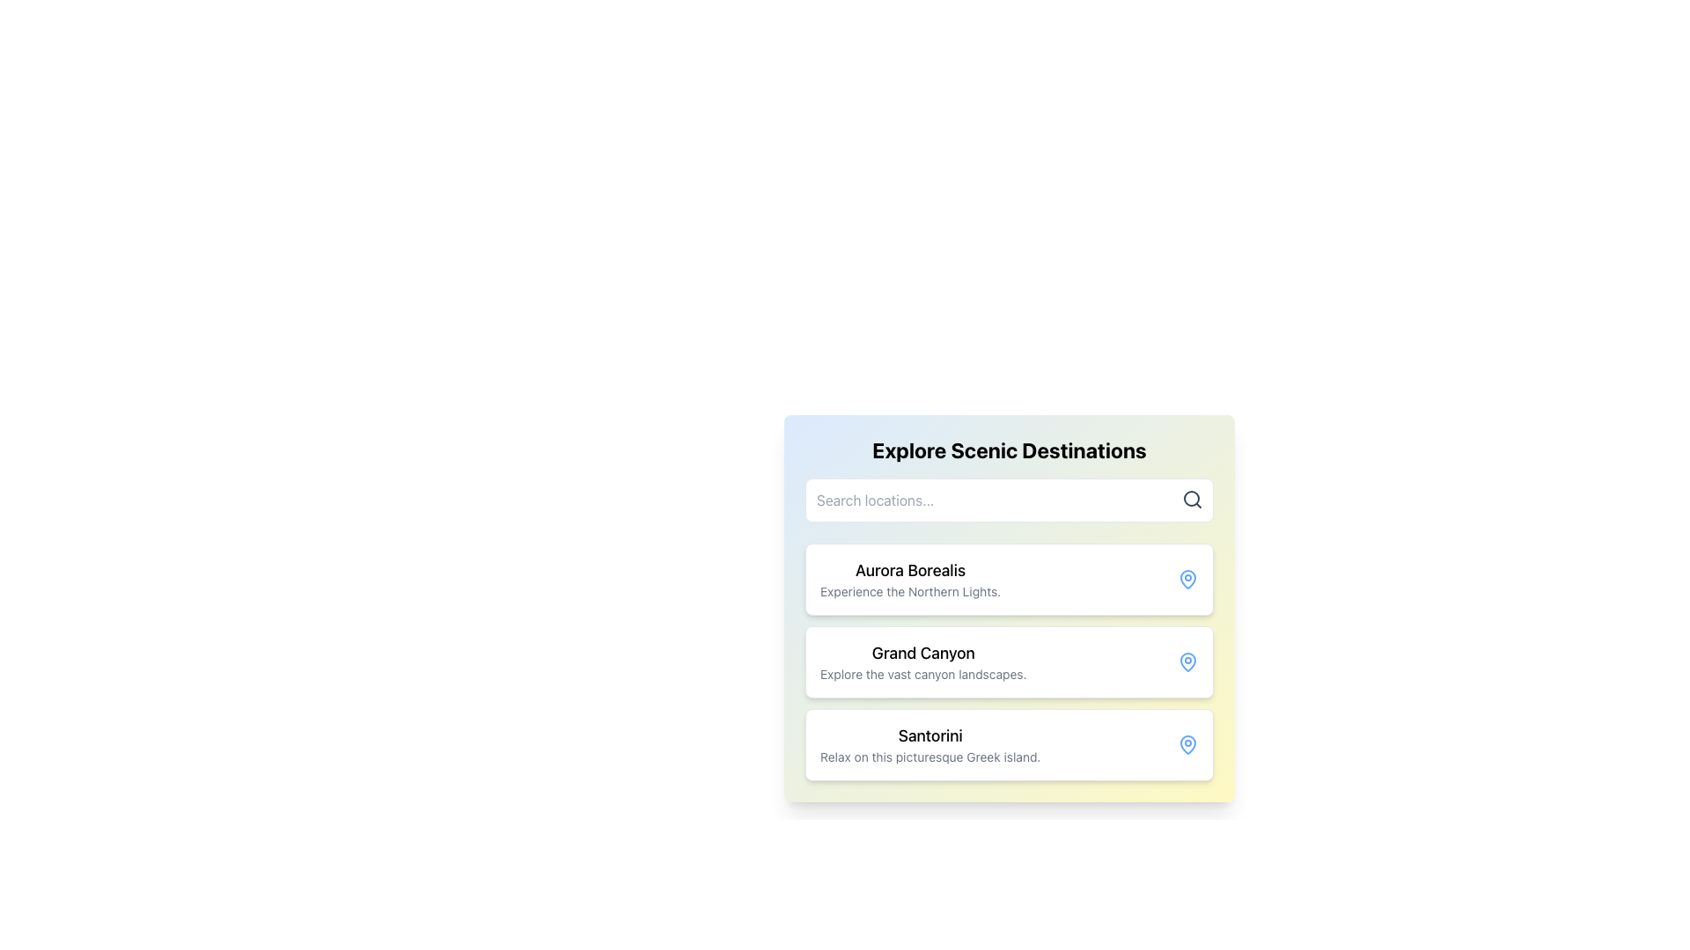 Image resolution: width=1690 pixels, height=950 pixels. I want to click on the blue pin marker SVG element located to the right of the text 'Grand Canyon' in the third list item of the 'Explore Scenic Destinations' menu, so click(1187, 661).